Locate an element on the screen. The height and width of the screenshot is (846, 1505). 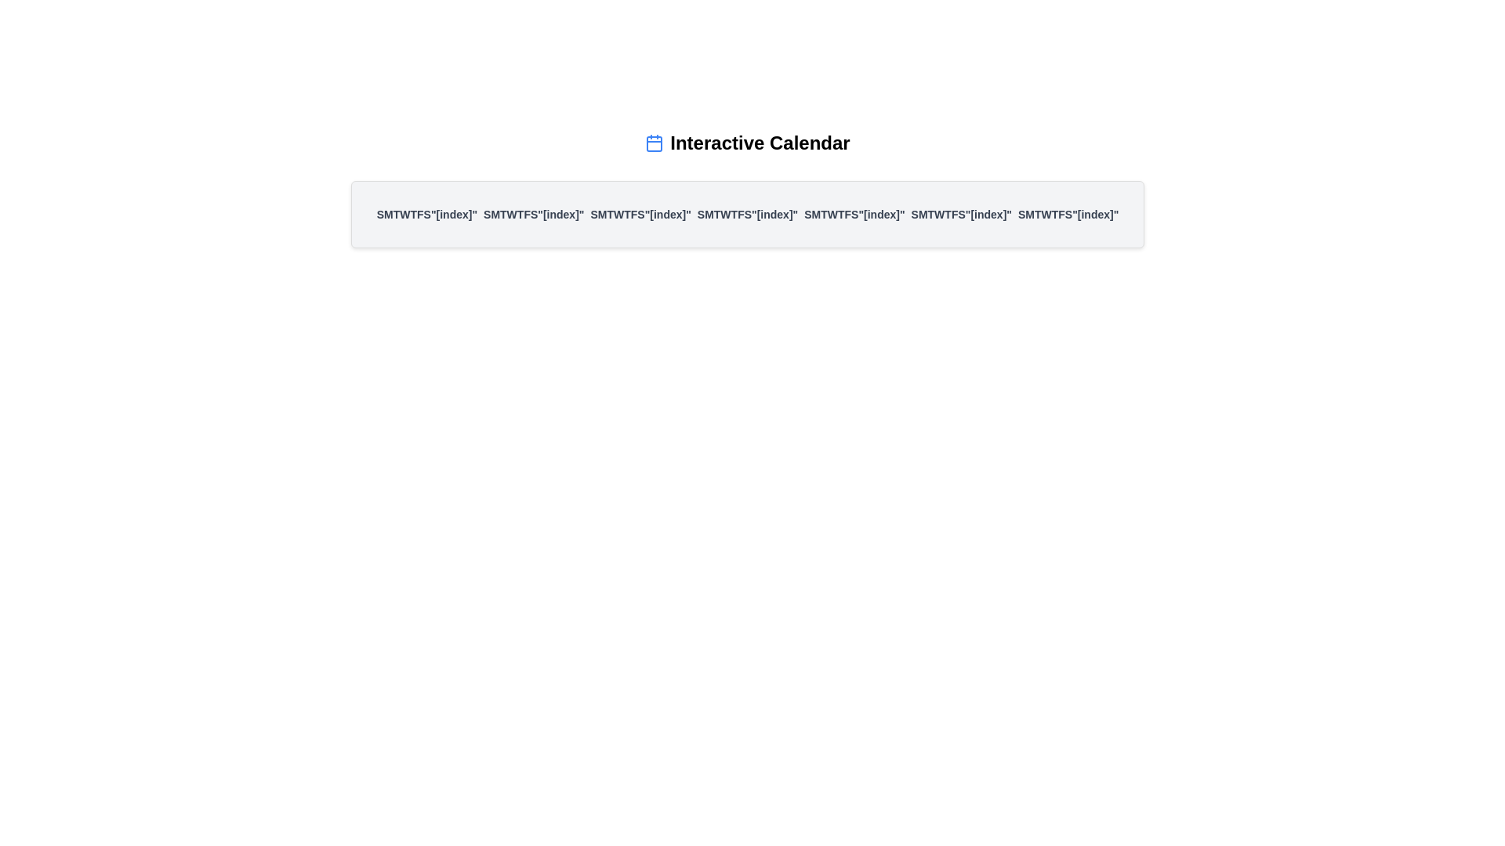
the first text label element displaying 'SMTWTFS[1]' in a small and bold gray font, located at the leftmost position of a horizontally aligned grid is located at coordinates (426, 214).